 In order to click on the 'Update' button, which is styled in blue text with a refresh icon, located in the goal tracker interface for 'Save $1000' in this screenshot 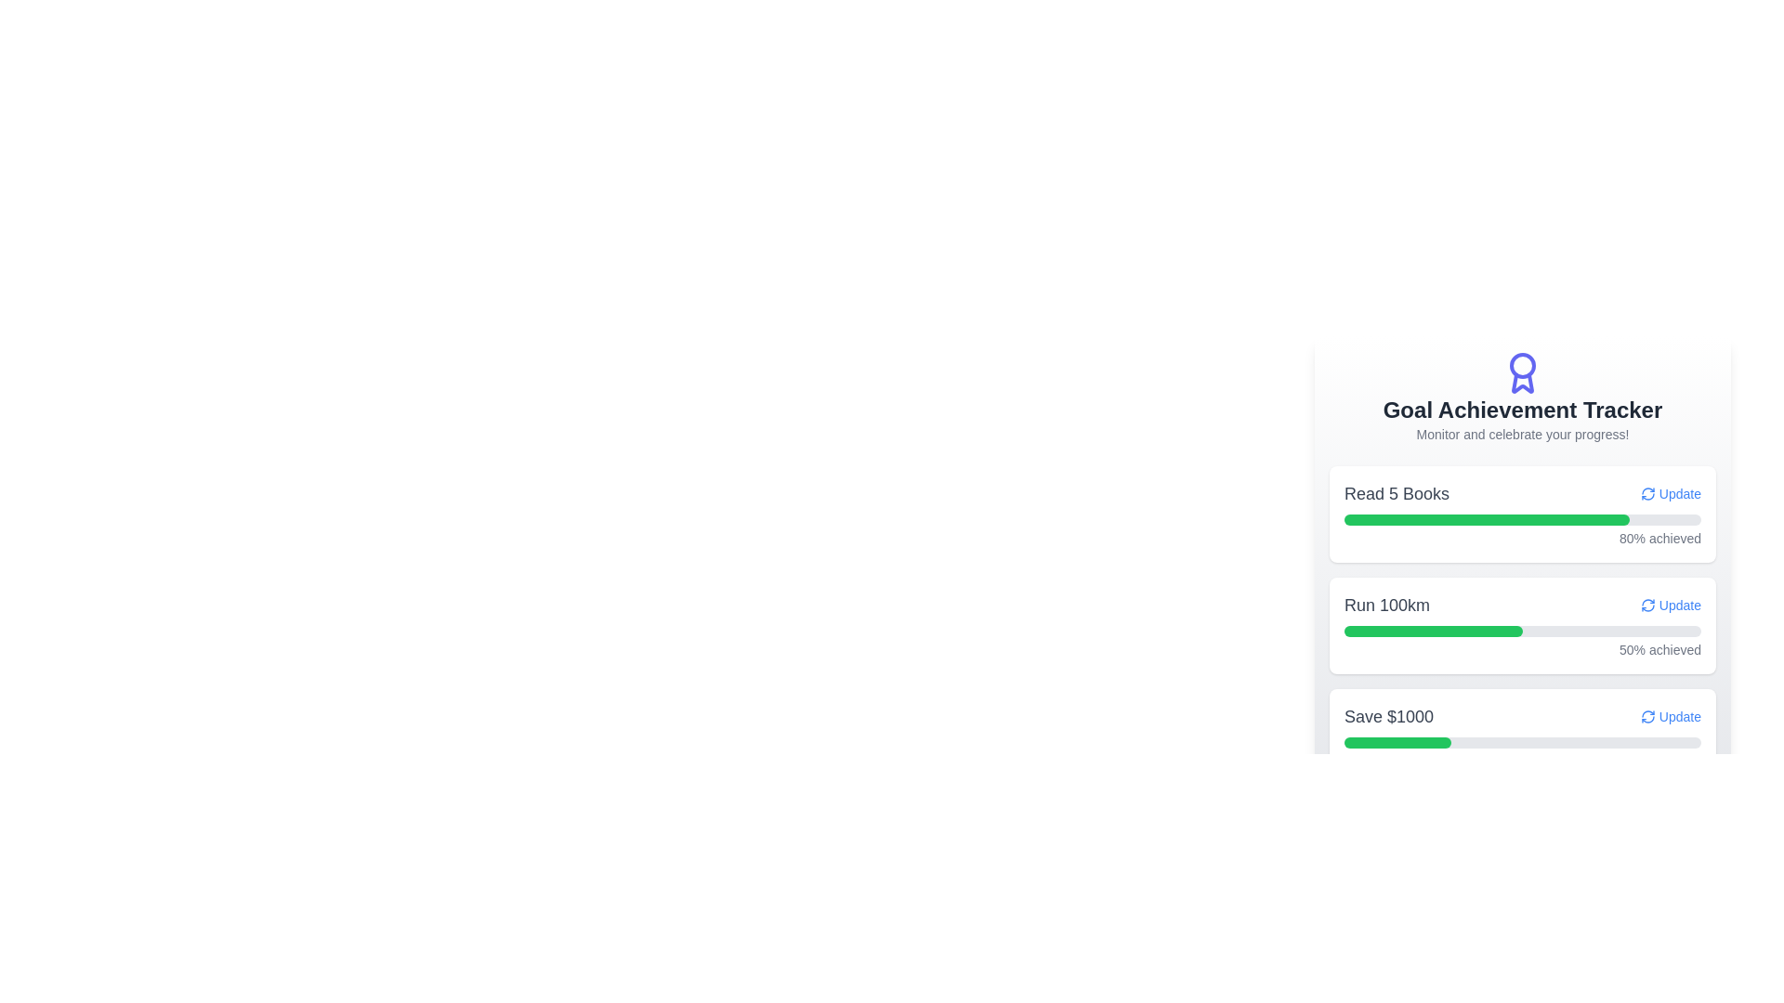, I will do `click(1671, 715)`.